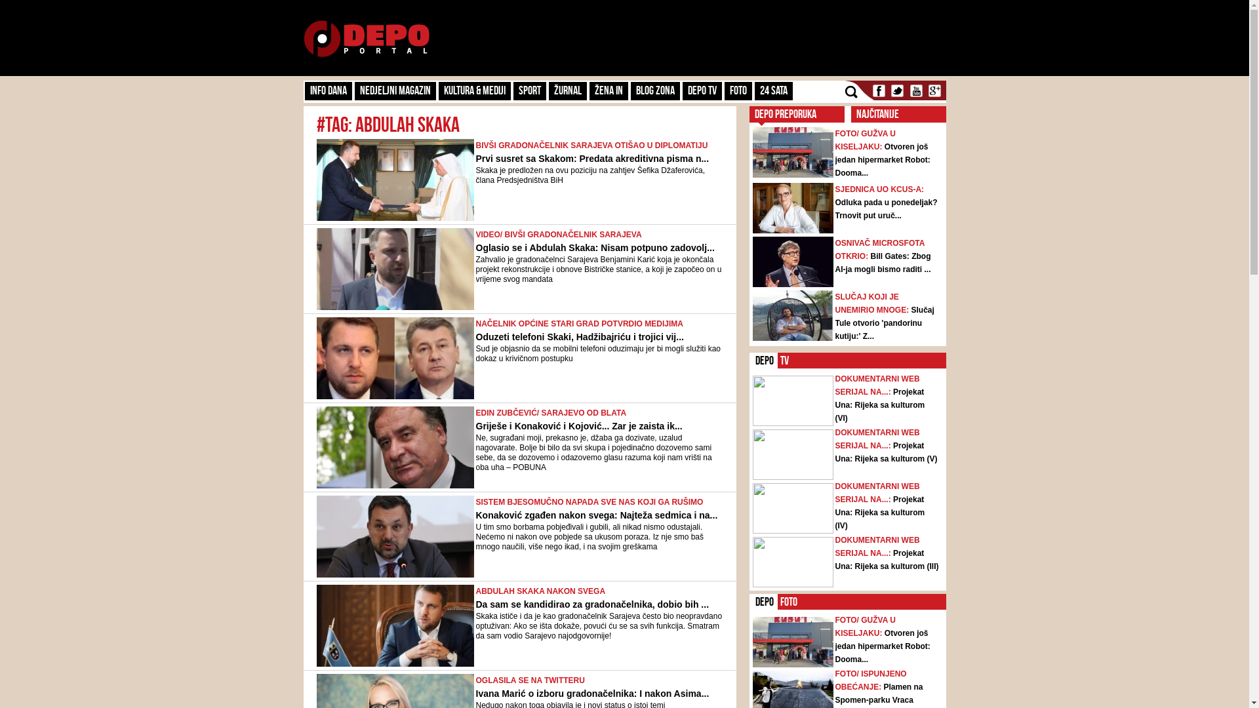 This screenshot has height=708, width=1259. What do you see at coordinates (475, 248) in the screenshot?
I see `'Oglasio se i Abdulah Skaka: Nisam potpuno zadovolj...'` at bounding box center [475, 248].